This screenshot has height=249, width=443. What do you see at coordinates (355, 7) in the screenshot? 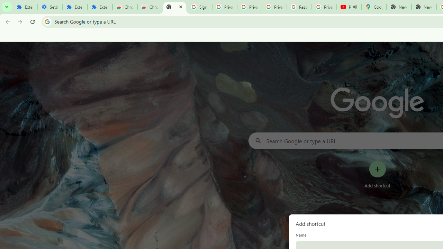
I see `'Mute tab'` at bounding box center [355, 7].